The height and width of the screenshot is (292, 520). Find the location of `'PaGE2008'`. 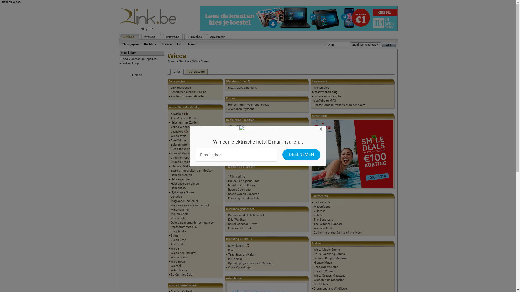

'PaGE2008' is located at coordinates (235, 258).